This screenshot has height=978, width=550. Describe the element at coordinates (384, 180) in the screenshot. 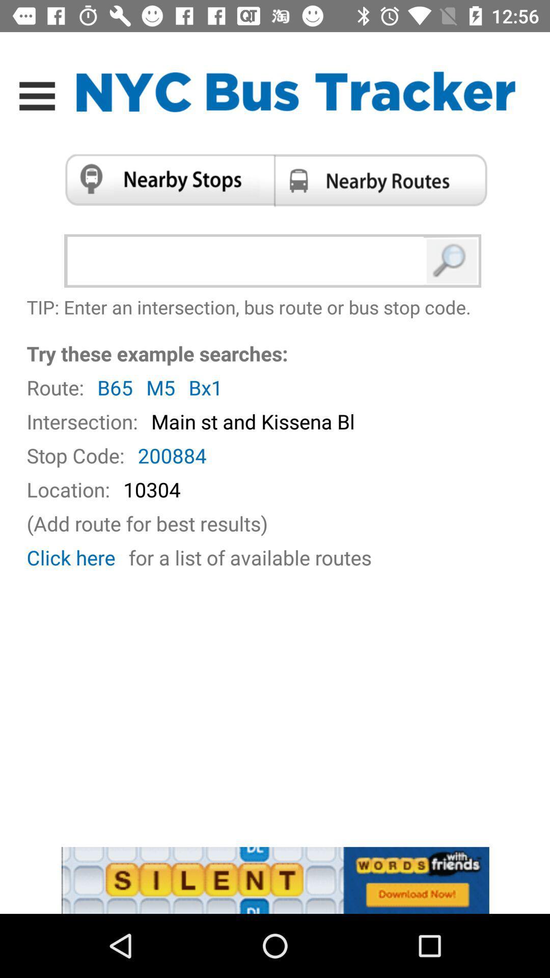

I see `nearby routes button` at that location.